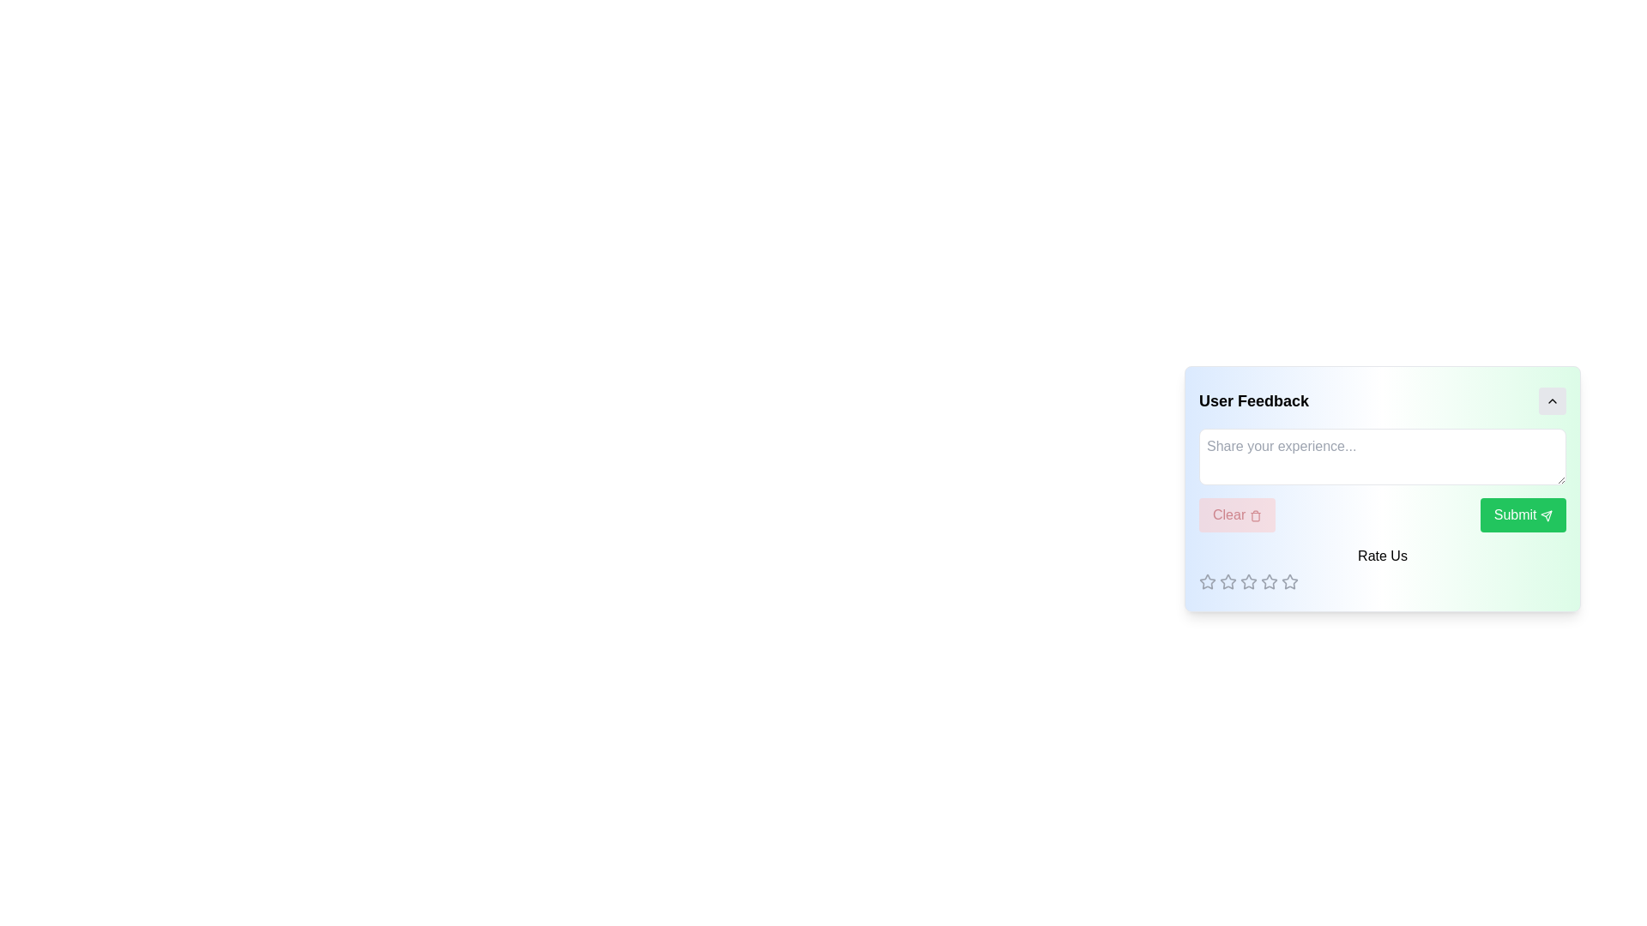 This screenshot has width=1647, height=926. Describe the element at coordinates (1523, 514) in the screenshot. I see `the submission button located in the bottom-right corner of the feedback form to observe the hover effect` at that location.